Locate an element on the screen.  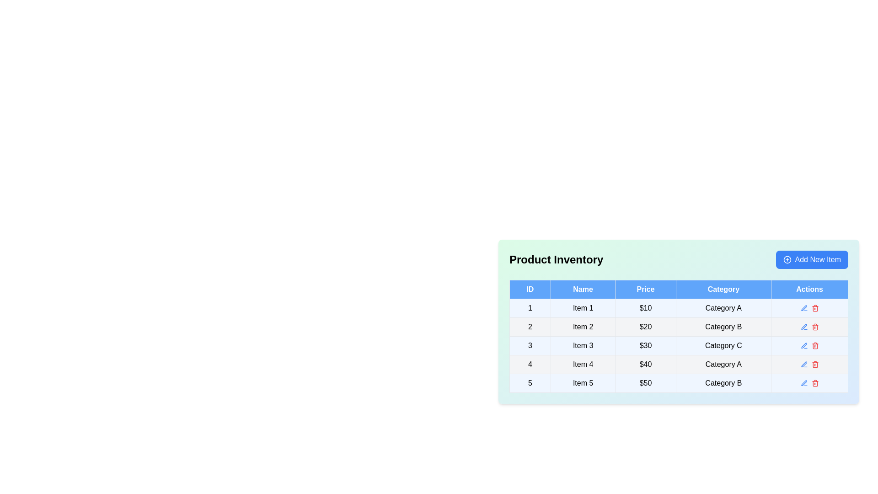
the red trash can icon in the grouped action set located in the rightmost column of the first data row in the 'Actions' section for 'Item 1' is located at coordinates (809, 308).